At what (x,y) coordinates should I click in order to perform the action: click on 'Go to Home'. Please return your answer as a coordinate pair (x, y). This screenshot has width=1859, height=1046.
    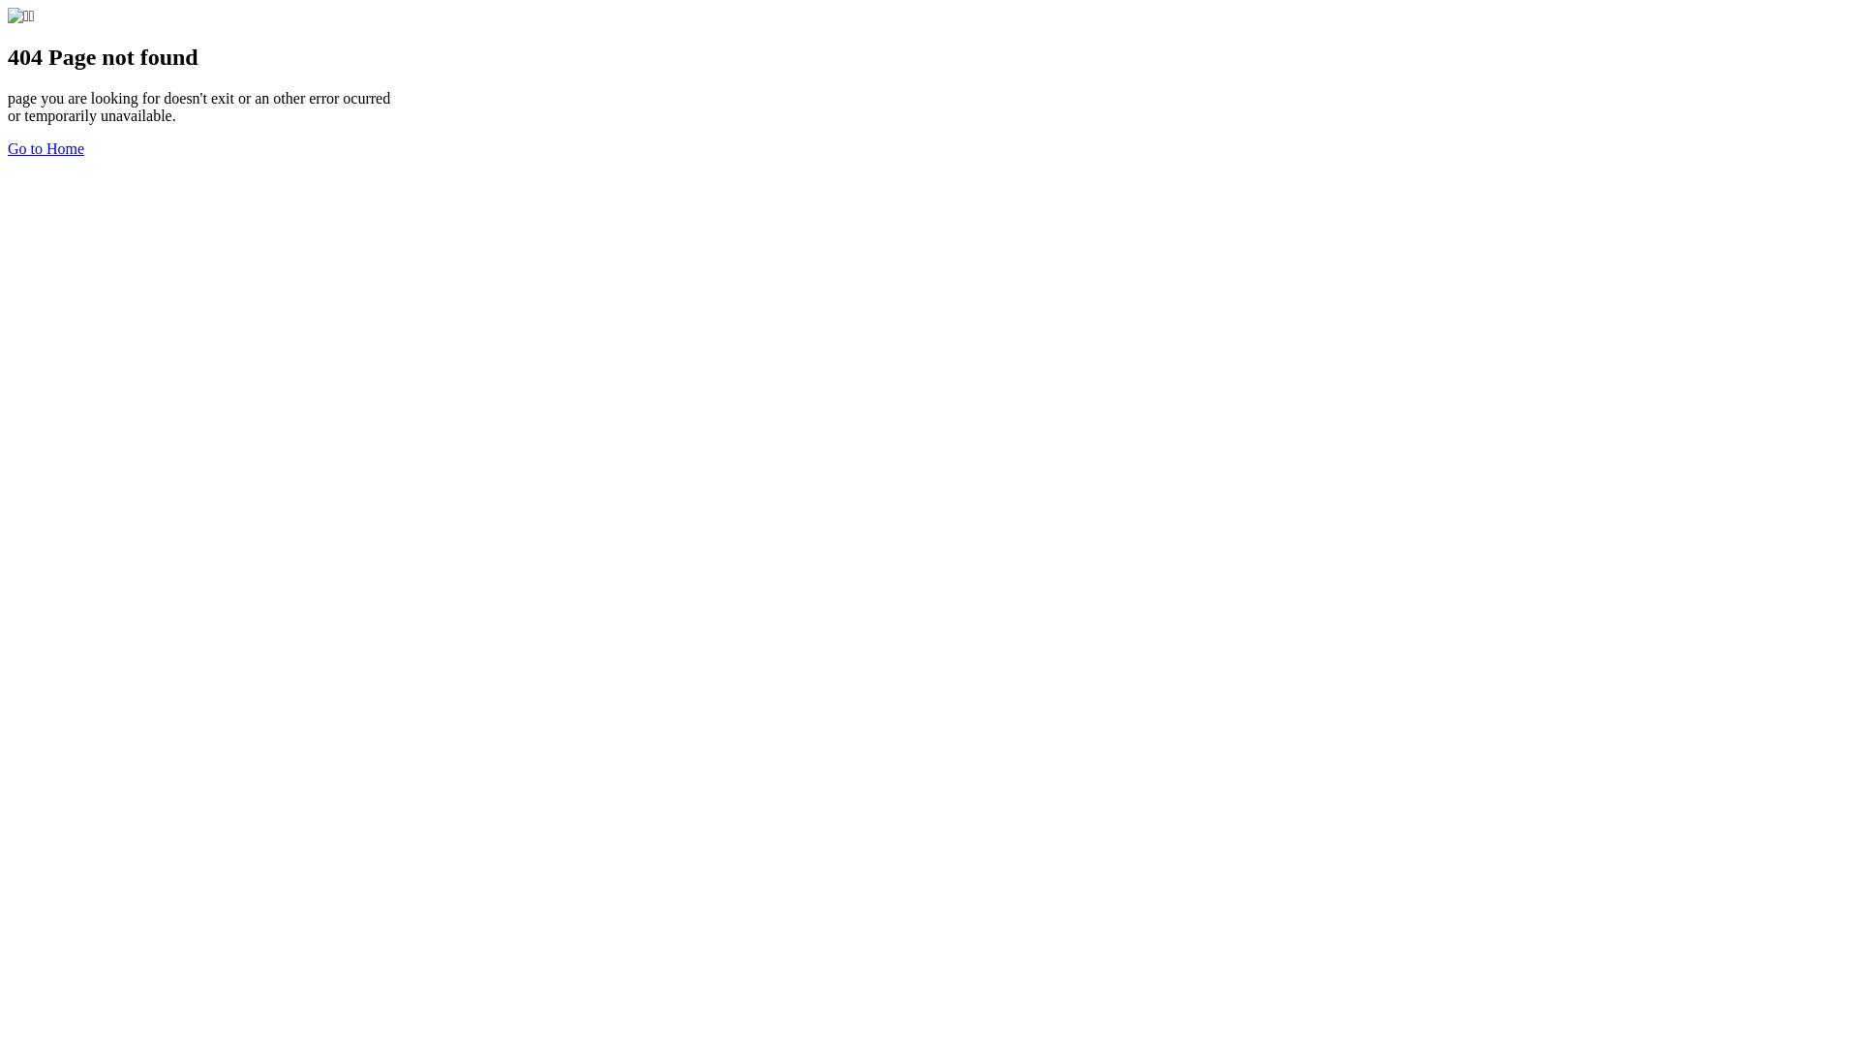
    Looking at the image, I should click on (46, 147).